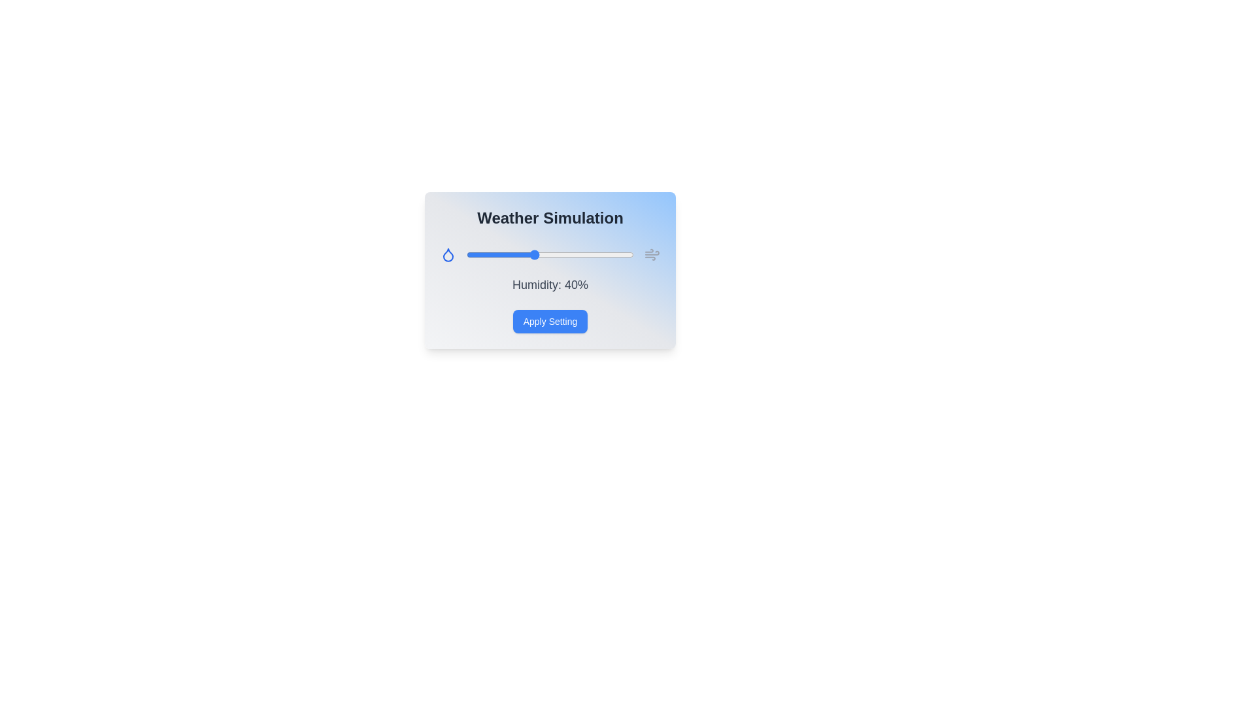 This screenshot has height=706, width=1255. Describe the element at coordinates (614, 254) in the screenshot. I see `the humidity slider to 89%` at that location.